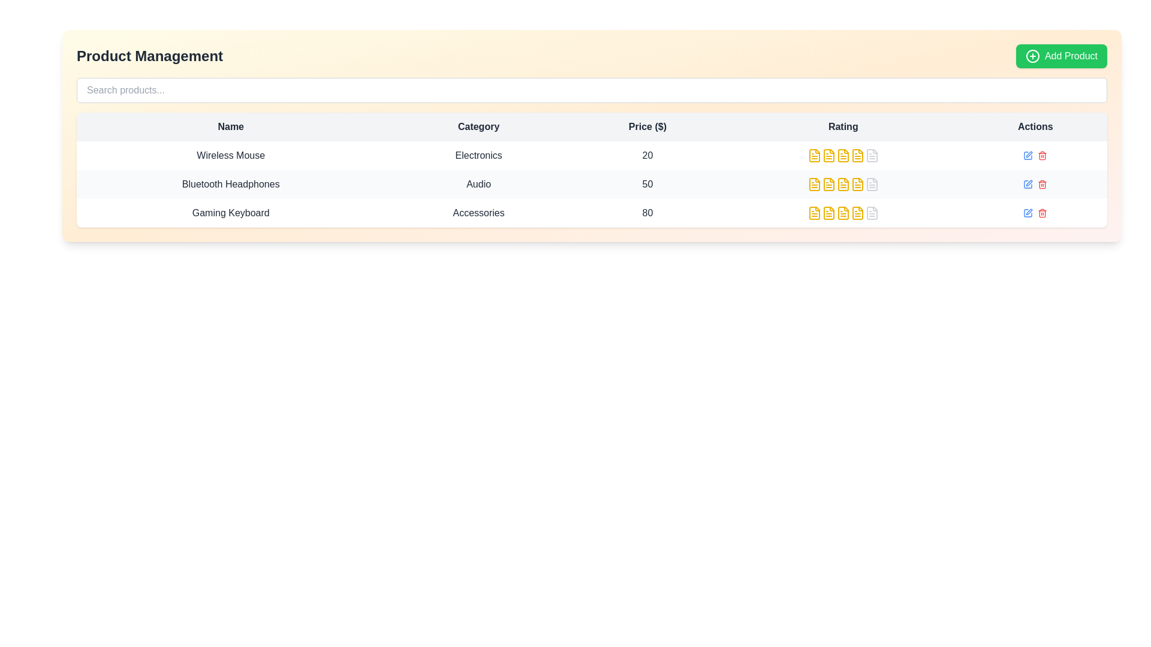  I want to click on the fifth document icon in the rating row for the 'Wireless Mouse' entry, so click(872, 155).